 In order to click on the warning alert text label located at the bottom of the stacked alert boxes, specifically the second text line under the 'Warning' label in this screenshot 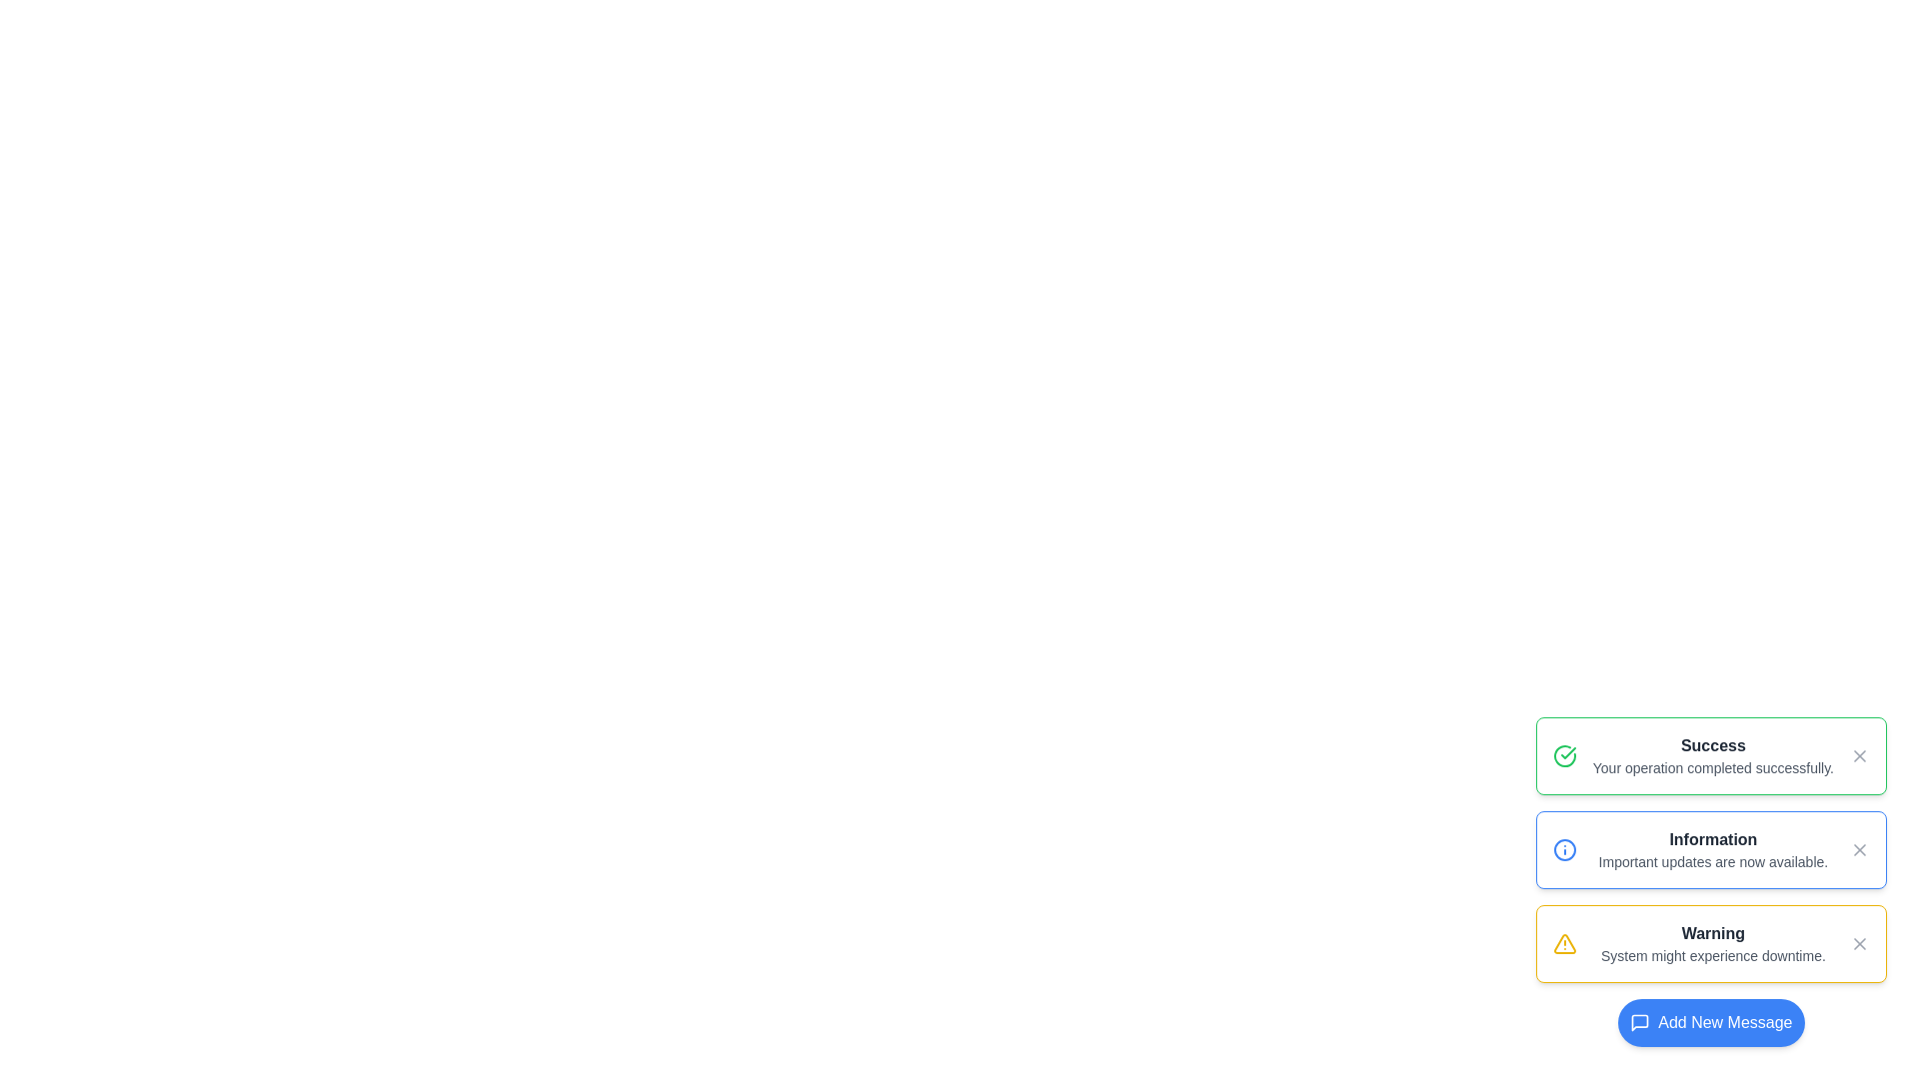, I will do `click(1712, 954)`.